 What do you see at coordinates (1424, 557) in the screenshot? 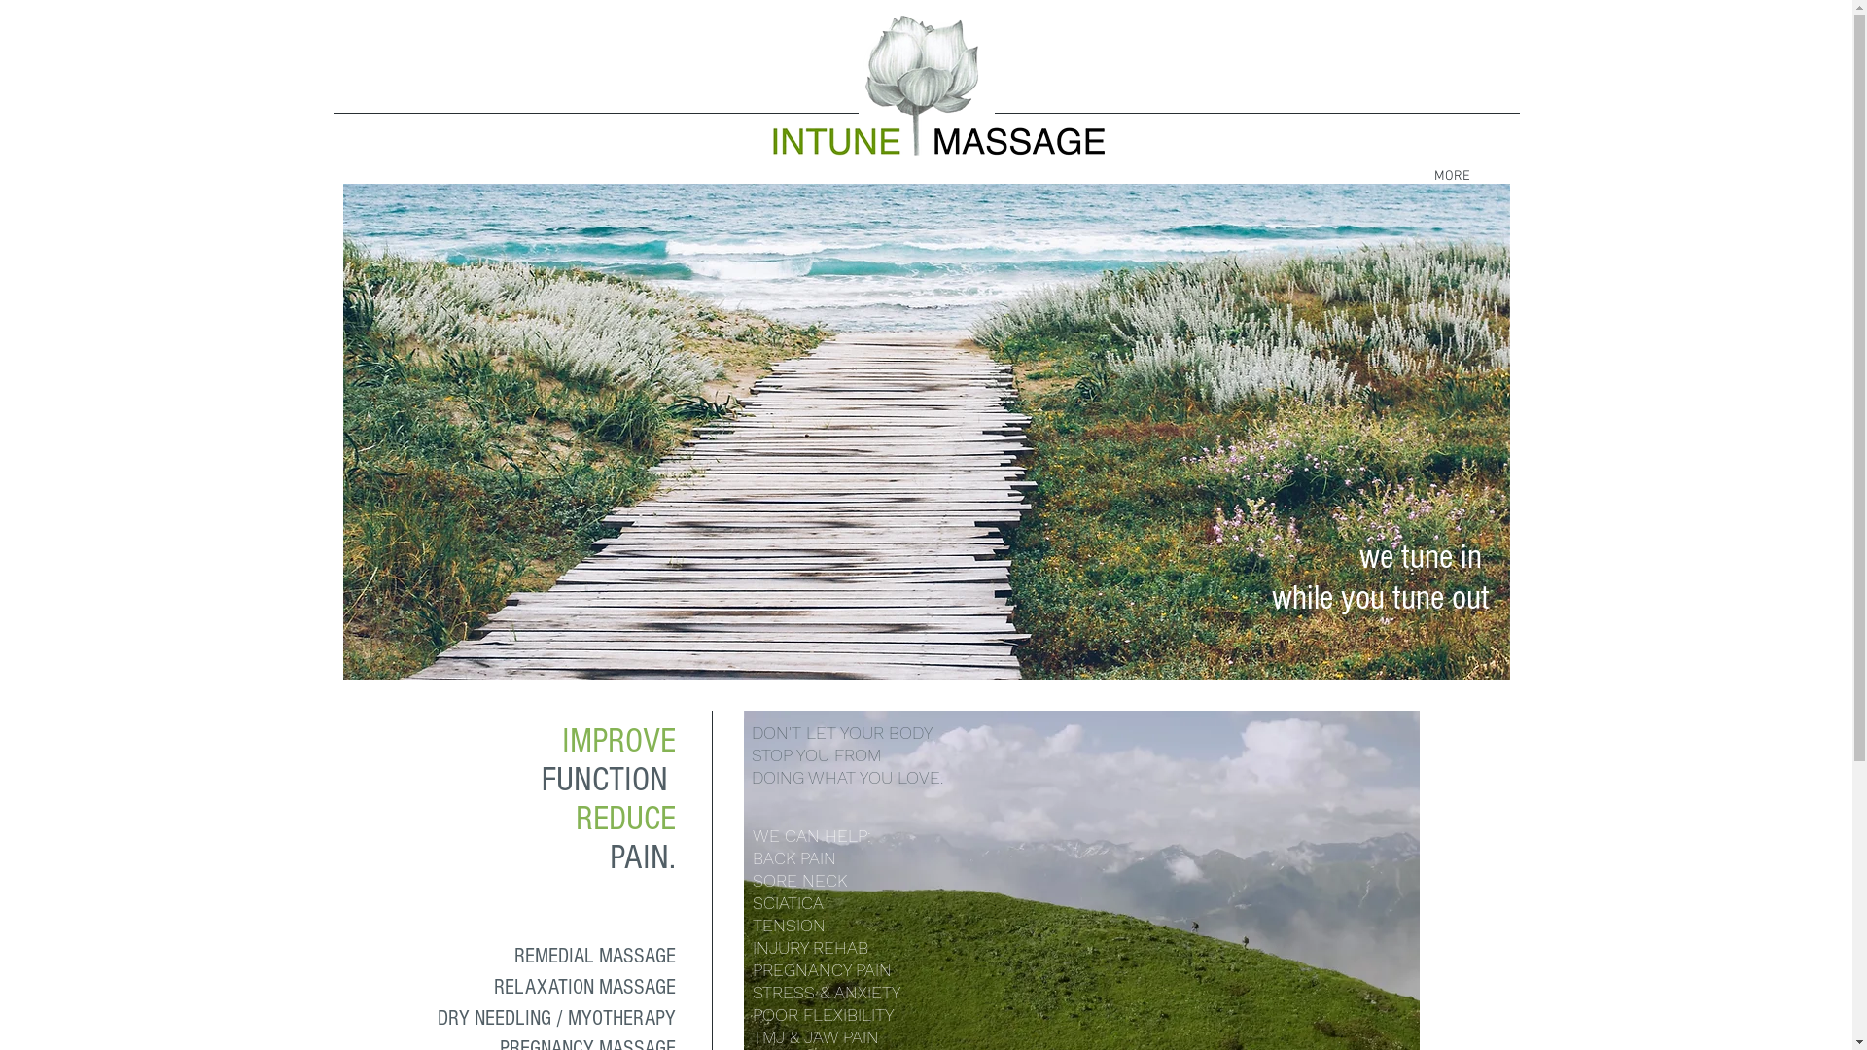
I see `'we tune in '` at bounding box center [1424, 557].